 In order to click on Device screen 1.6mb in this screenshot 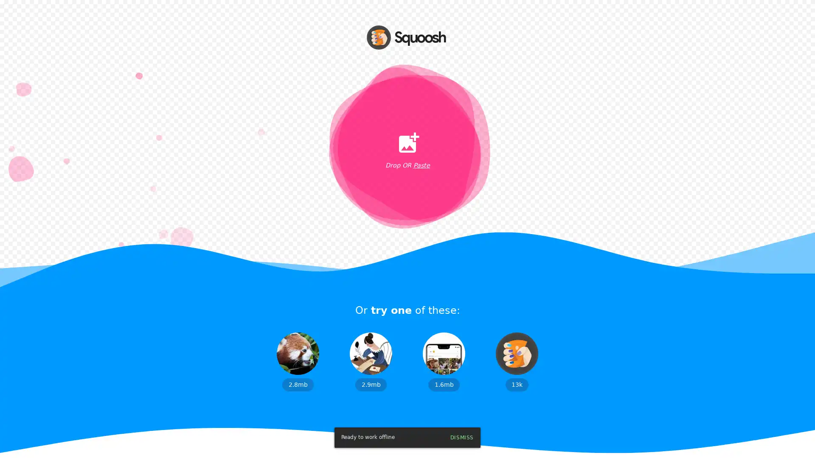, I will do `click(444, 361)`.